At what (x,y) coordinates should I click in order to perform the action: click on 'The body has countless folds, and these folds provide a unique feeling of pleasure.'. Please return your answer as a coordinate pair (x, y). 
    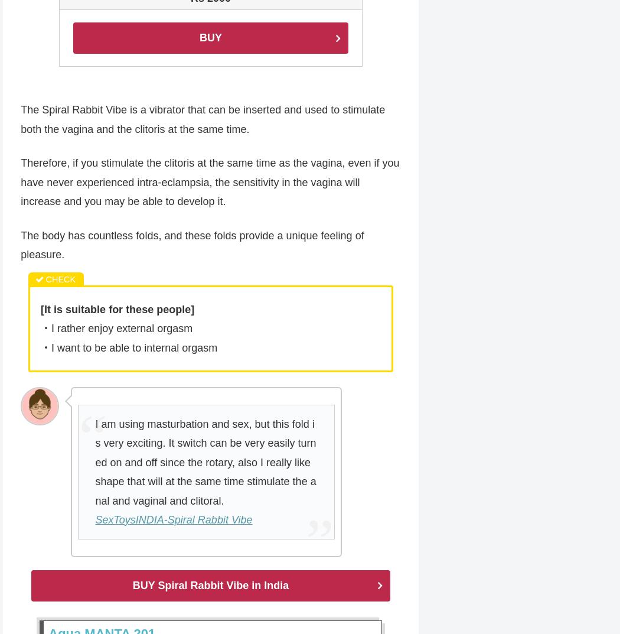
    Looking at the image, I should click on (192, 245).